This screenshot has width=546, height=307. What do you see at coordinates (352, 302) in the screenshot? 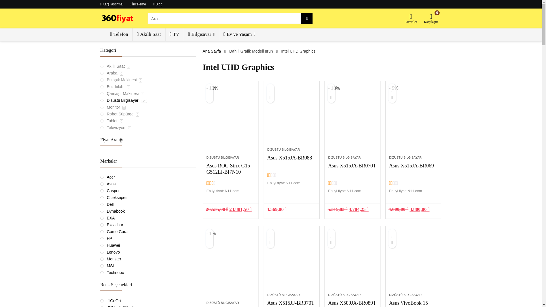
I see `'Asus X509JA-BR089T'` at bounding box center [352, 302].